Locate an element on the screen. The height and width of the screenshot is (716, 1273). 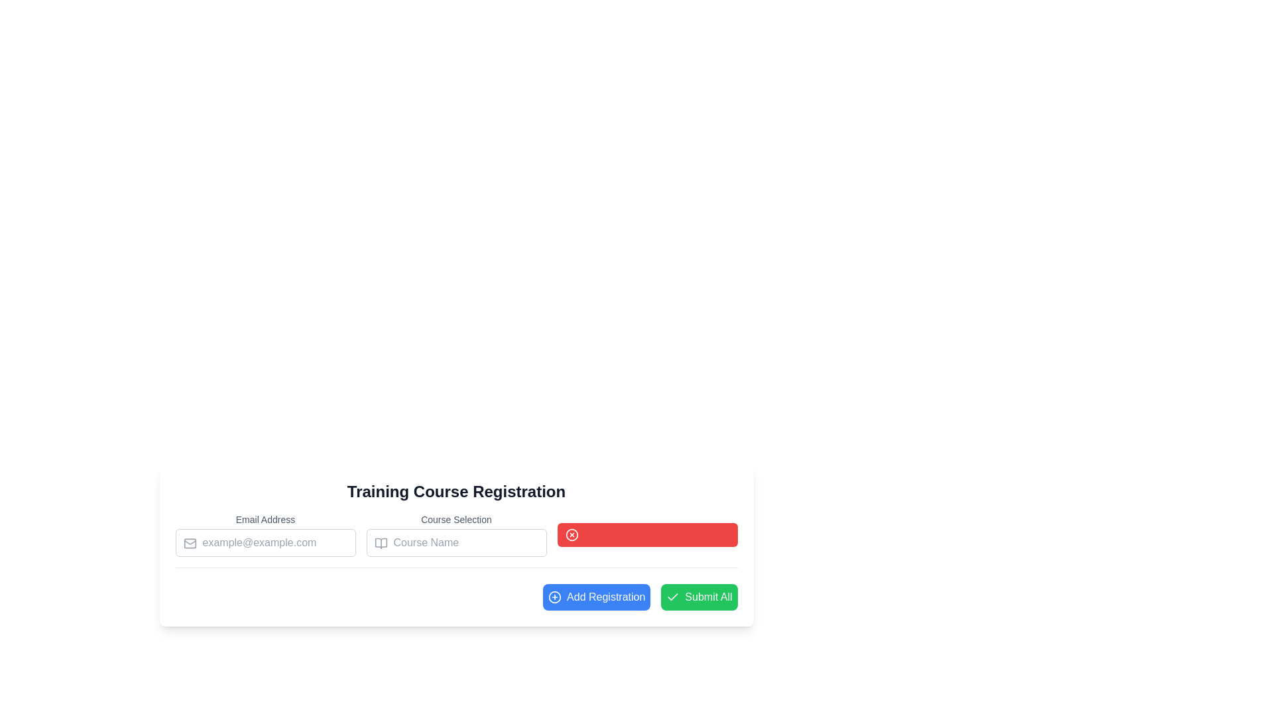
the circular part of the plus icon in the 'Add Registration' button, which visually identifies the button's purpose is located at coordinates (555, 597).